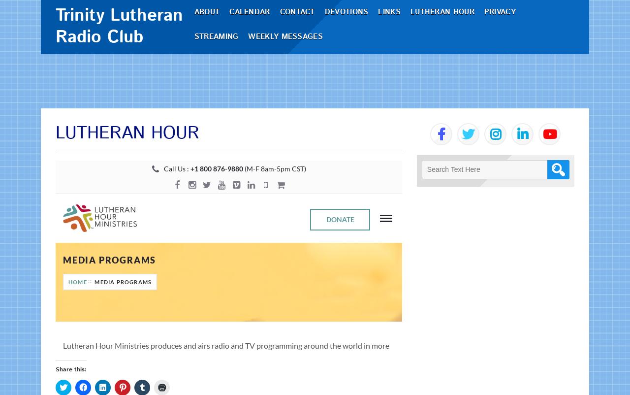  I want to click on 'About', so click(210, 38).